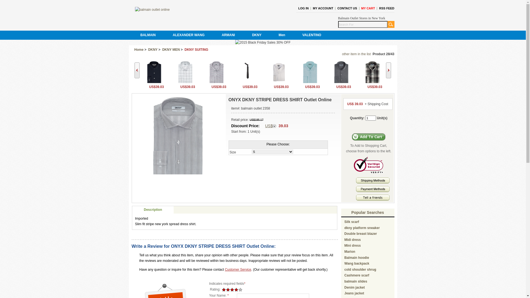 The width and height of the screenshot is (530, 298). I want to click on 'ARMANI', so click(228, 35).